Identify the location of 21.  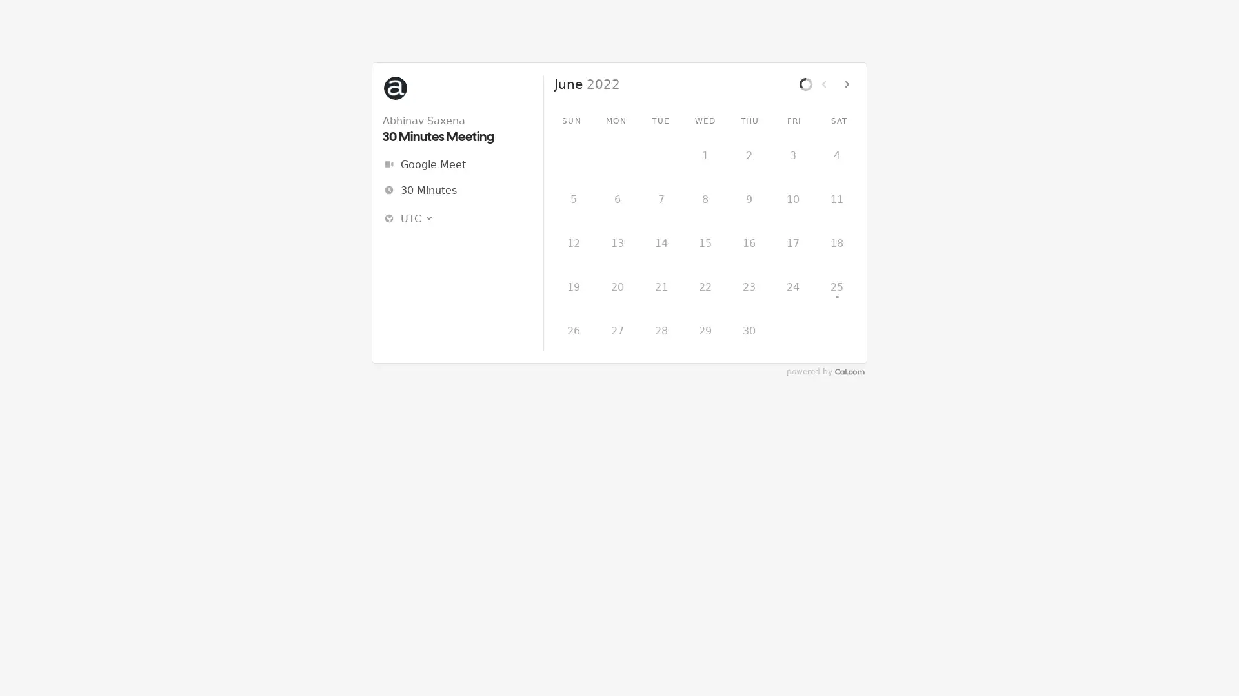
(661, 285).